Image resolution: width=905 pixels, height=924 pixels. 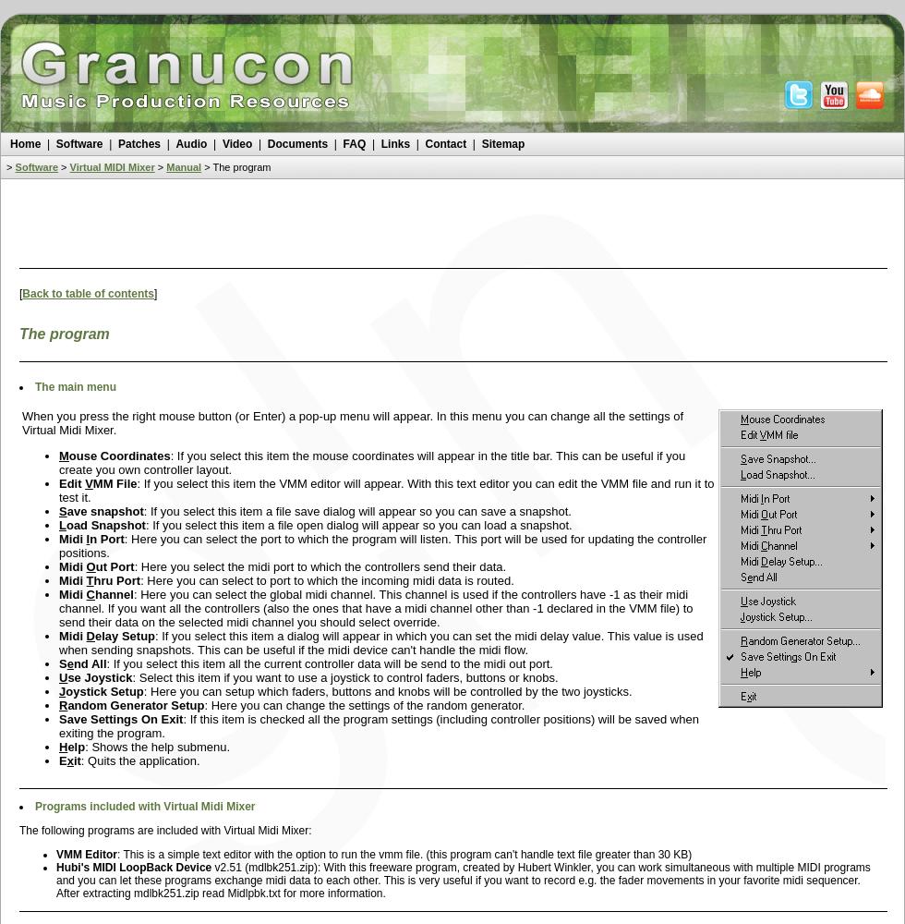 What do you see at coordinates (480, 144) in the screenshot?
I see `'Sitemap'` at bounding box center [480, 144].